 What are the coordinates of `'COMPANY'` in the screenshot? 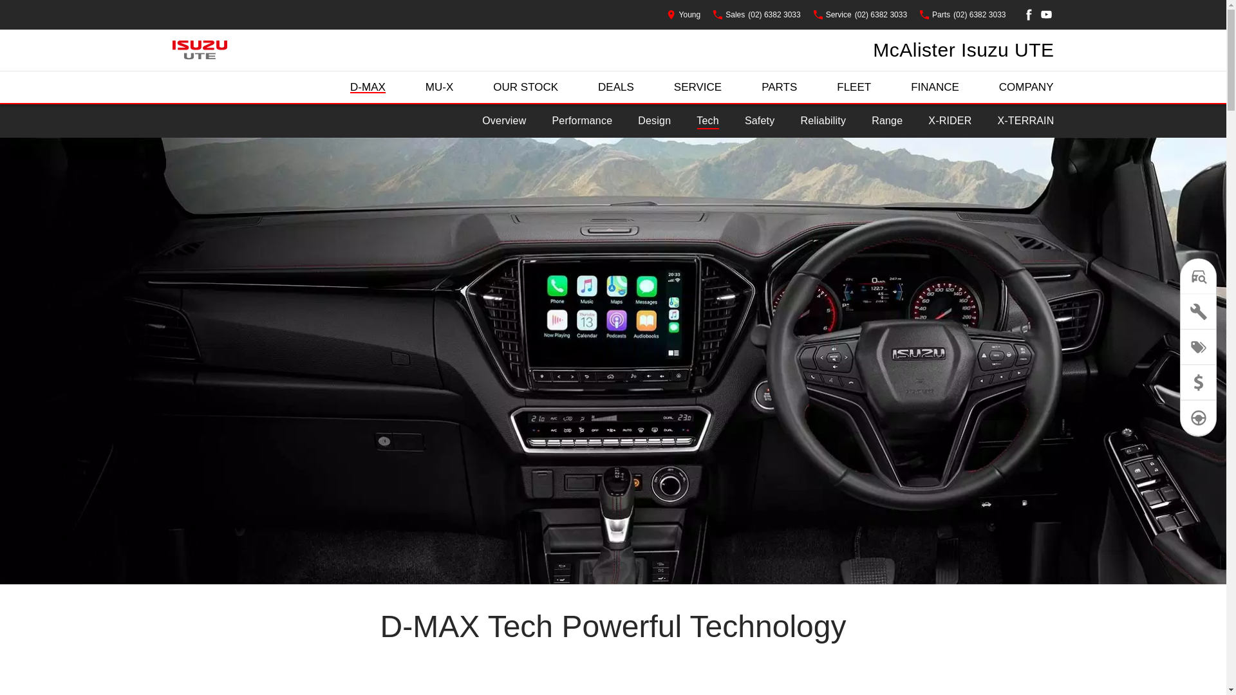 It's located at (1025, 87).